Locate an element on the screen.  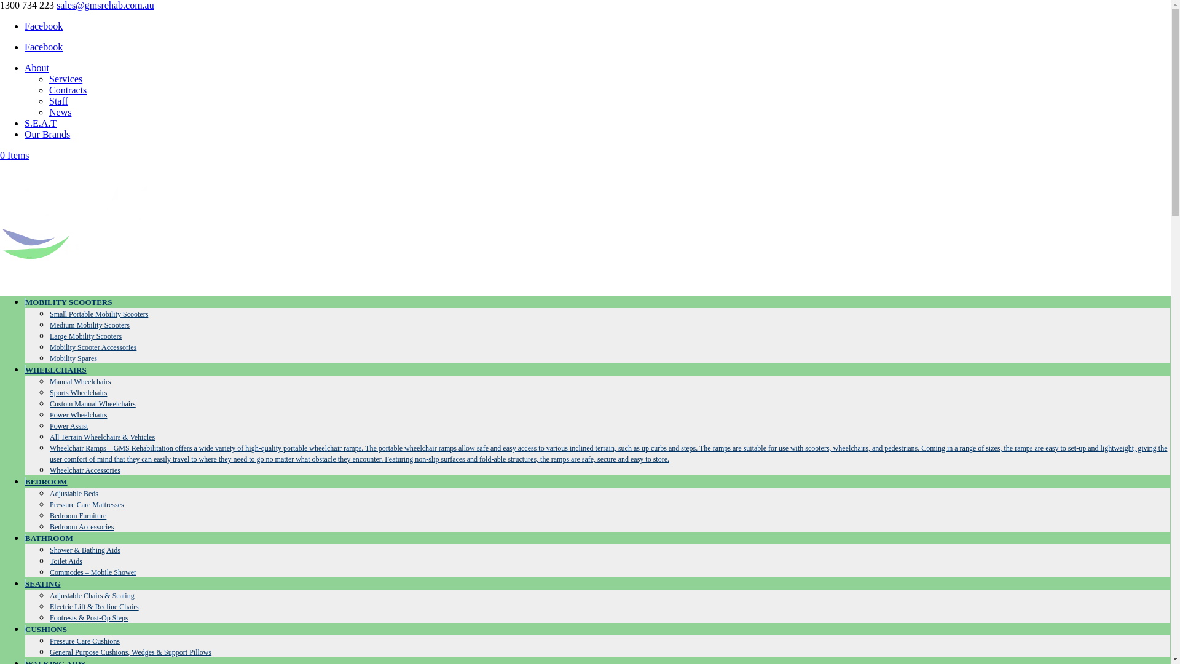
'News' is located at coordinates (59, 112).